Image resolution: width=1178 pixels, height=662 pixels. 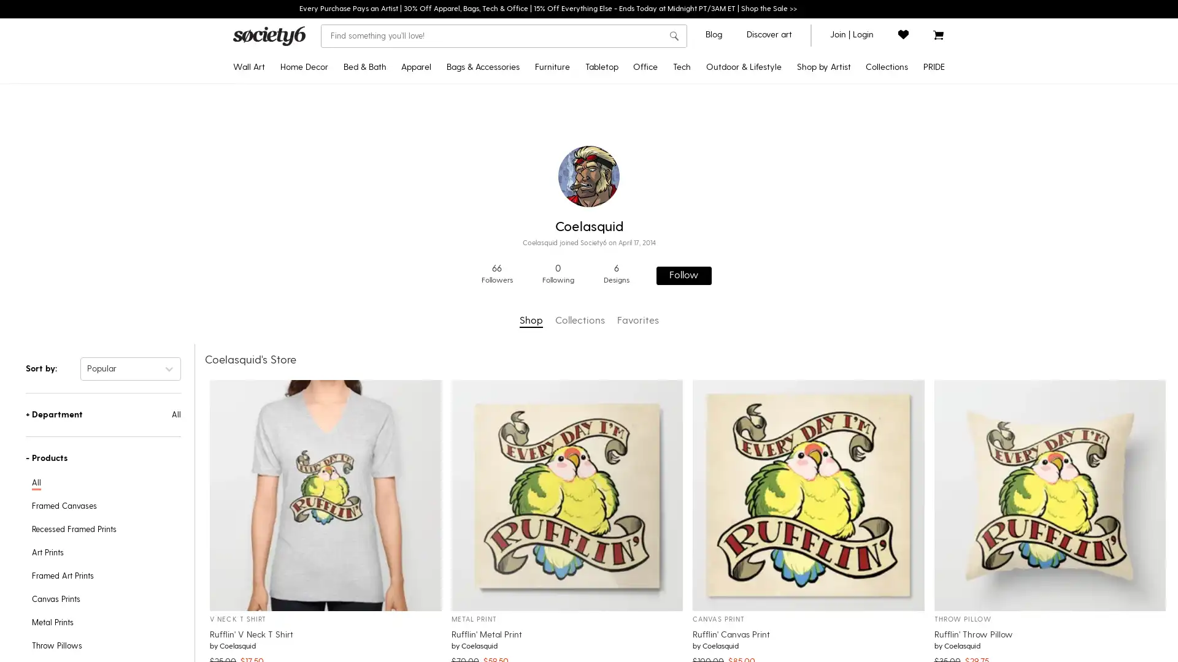 I want to click on Discover LGBTQIA+ Artists, so click(x=885, y=118).